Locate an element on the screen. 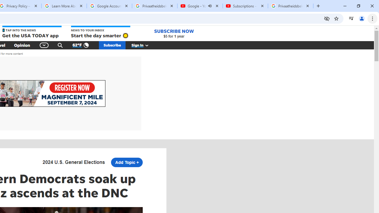  'Search' is located at coordinates (60, 45).